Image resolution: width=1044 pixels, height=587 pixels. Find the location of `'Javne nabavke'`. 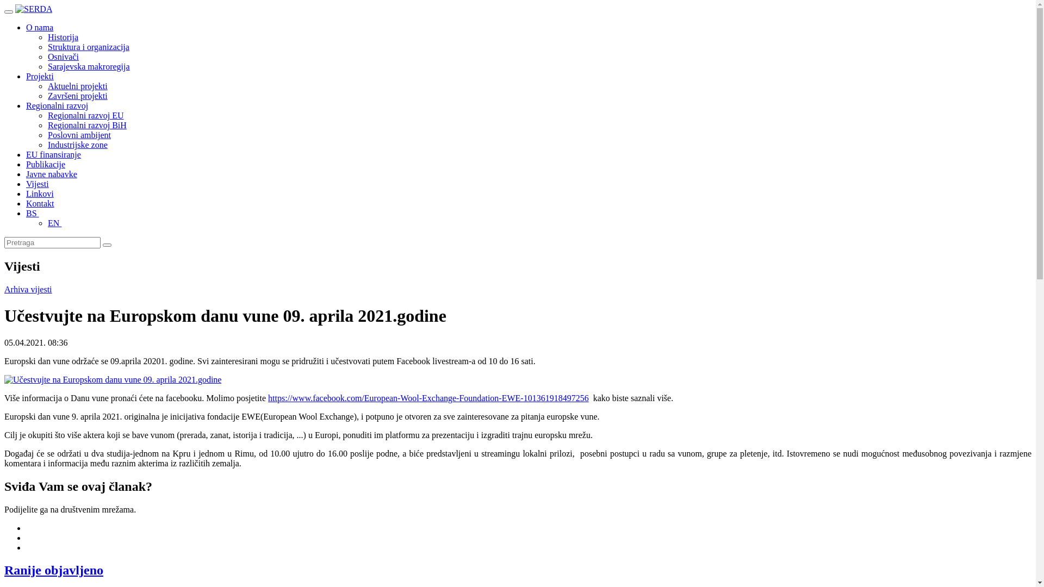

'Javne nabavke' is located at coordinates (51, 173).